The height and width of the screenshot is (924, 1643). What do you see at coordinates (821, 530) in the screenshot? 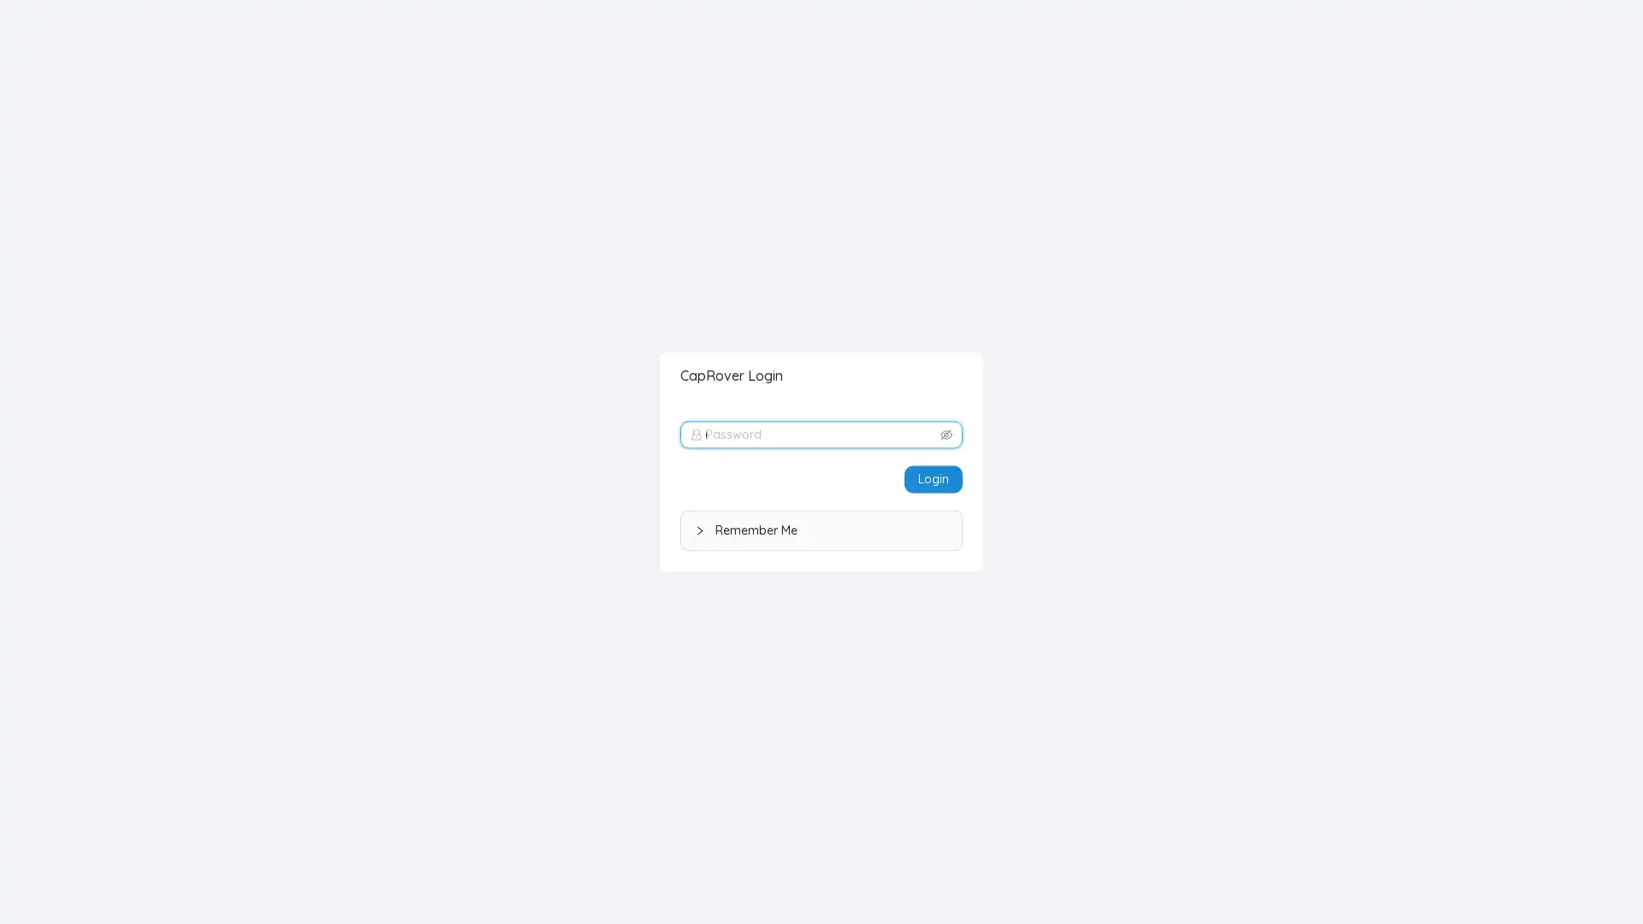
I see `right Remember Me` at bounding box center [821, 530].